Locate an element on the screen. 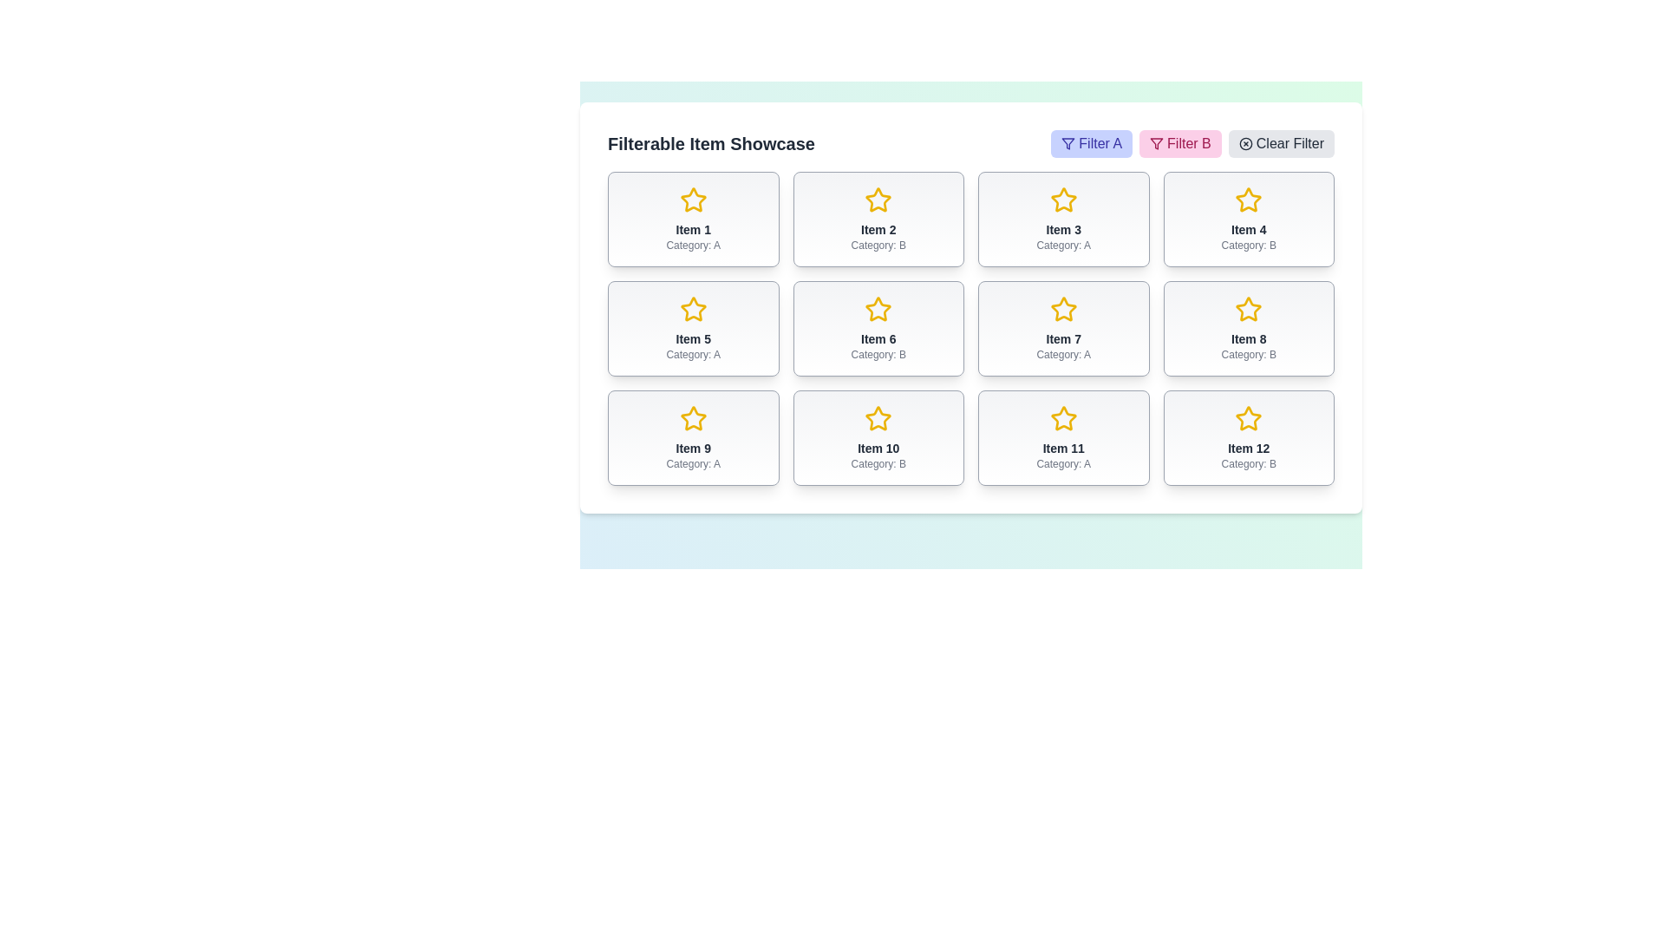 This screenshot has height=937, width=1665. the informational card located in the bottom-right corner of the grid layout, which displays details of a specific item is located at coordinates (1249, 437).